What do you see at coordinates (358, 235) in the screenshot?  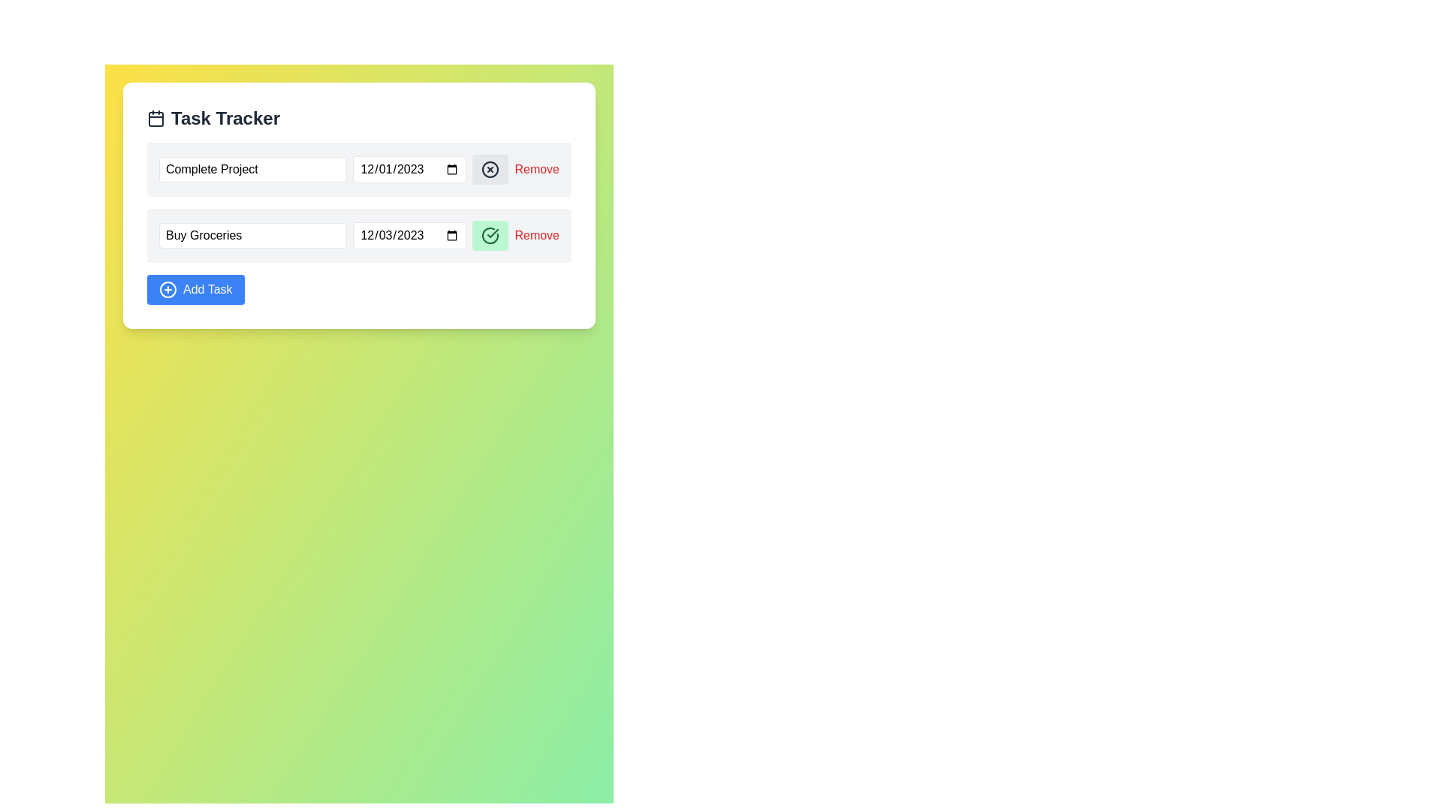 I see `the date input field labeled '12/03/2023' within the Task management component to change the deadline` at bounding box center [358, 235].